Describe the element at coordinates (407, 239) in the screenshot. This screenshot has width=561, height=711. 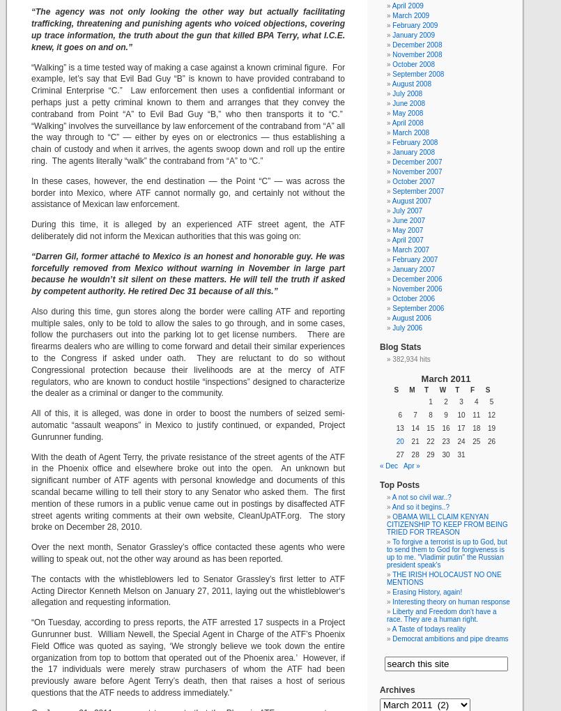
I see `'April 2007'` at that location.